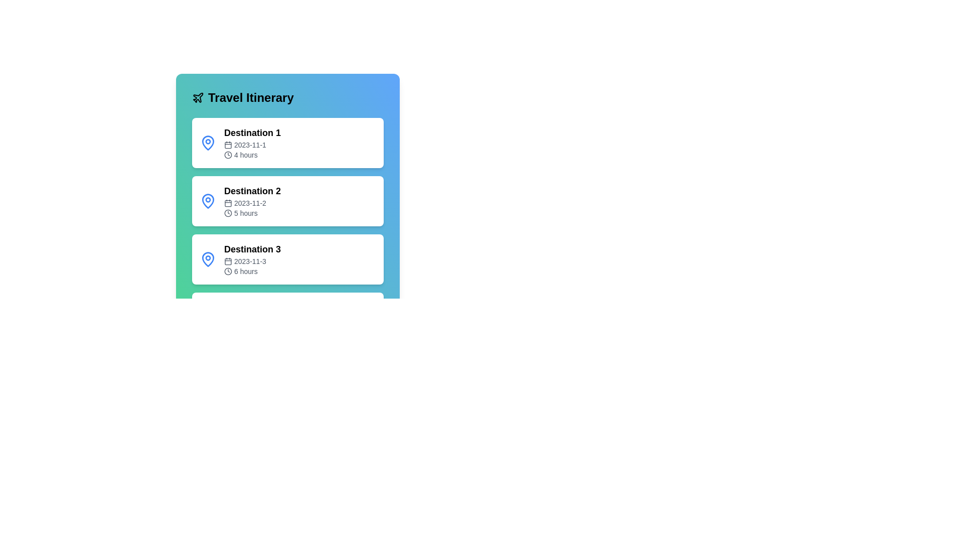  What do you see at coordinates (252, 191) in the screenshot?
I see `the text label displaying the destination name in the itinerary, located below 'Destination 1' and above 'Destination 3'` at bounding box center [252, 191].